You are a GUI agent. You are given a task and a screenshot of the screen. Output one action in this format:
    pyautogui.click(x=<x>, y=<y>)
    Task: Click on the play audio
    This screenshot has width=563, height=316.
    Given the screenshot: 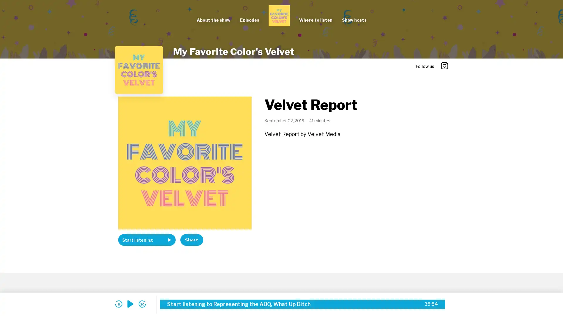 What is the action you would take?
    pyautogui.click(x=130, y=304)
    